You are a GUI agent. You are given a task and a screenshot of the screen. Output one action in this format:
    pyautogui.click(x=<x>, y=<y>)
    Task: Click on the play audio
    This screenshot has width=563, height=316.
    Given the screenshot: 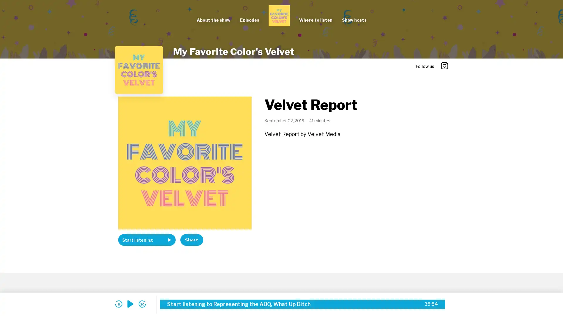 What is the action you would take?
    pyautogui.click(x=130, y=304)
    